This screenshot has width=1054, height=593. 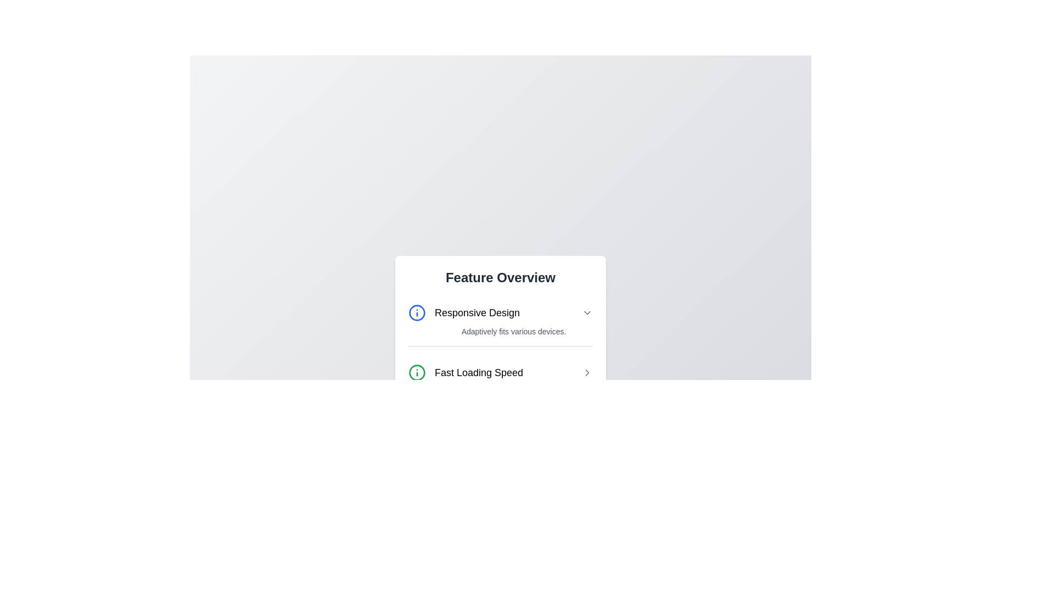 I want to click on the 'Fast Loading Speed' label, which is styled in bold and located below the 'Responsive Design' label in the 'Feature Overview' section, so click(x=479, y=372).